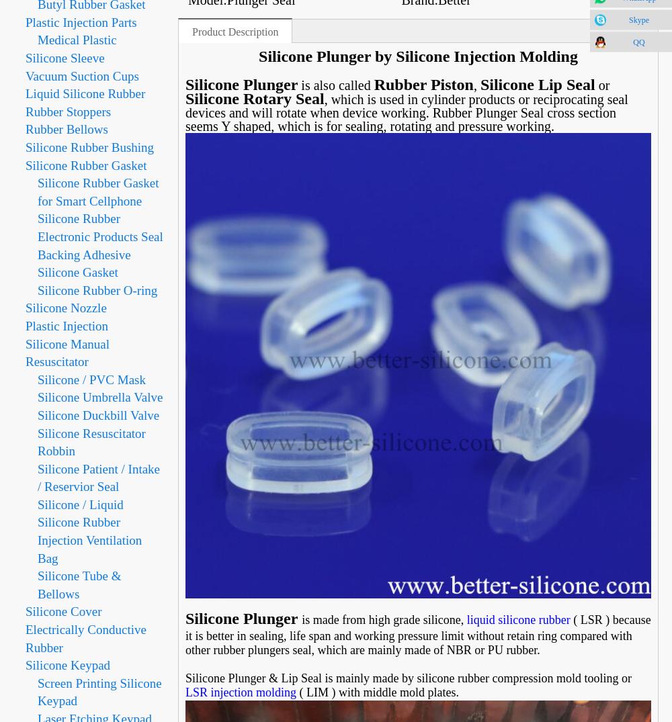  I want to click on 'Silicone Cover', so click(62, 611).